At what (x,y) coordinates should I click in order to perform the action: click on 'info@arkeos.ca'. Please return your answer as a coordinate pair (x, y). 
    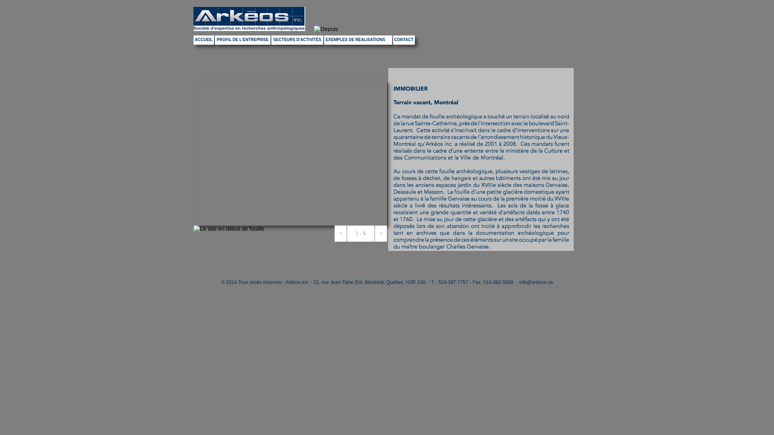
    Looking at the image, I should click on (536, 282).